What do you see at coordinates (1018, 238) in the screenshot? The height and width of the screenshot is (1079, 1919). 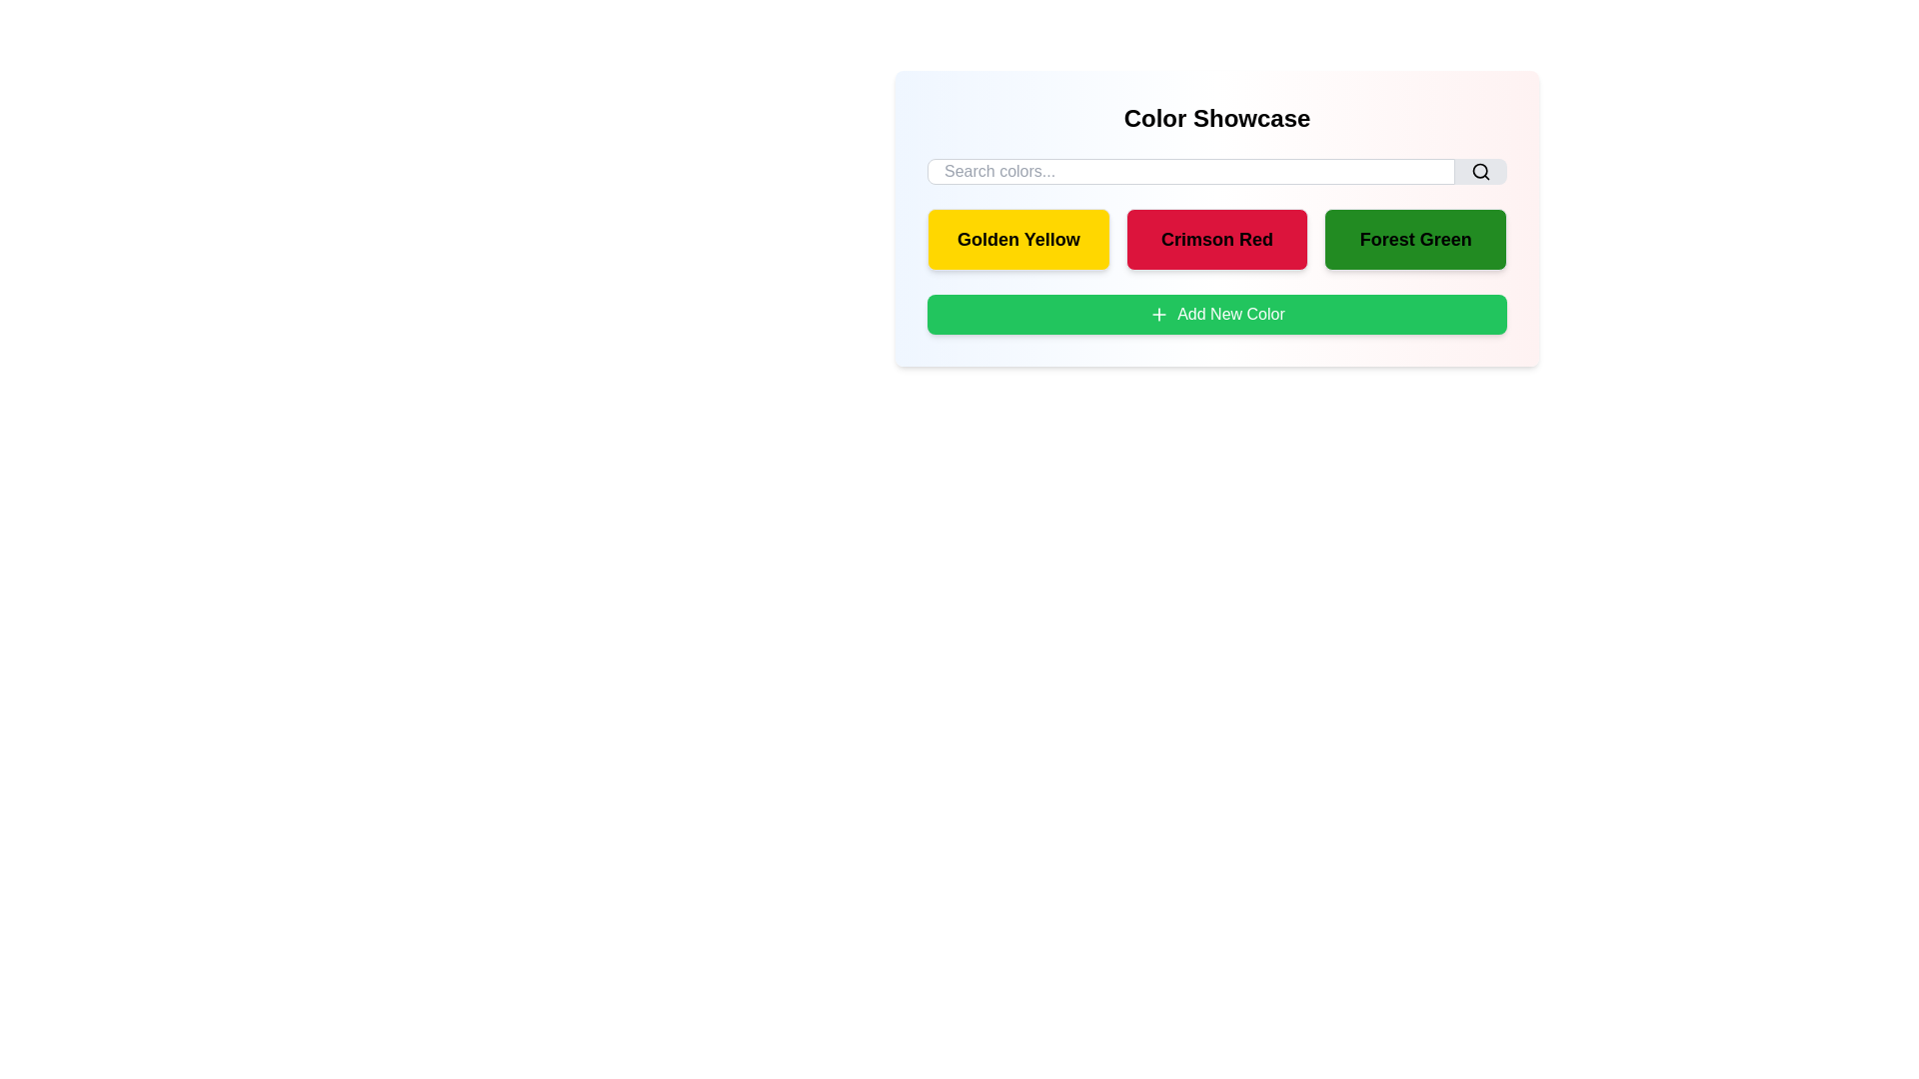 I see `the text label that describes the selected color 'Golden Yellow' in the color showcase interface, located in the top left corner under the 'Search colors...' section` at bounding box center [1018, 238].